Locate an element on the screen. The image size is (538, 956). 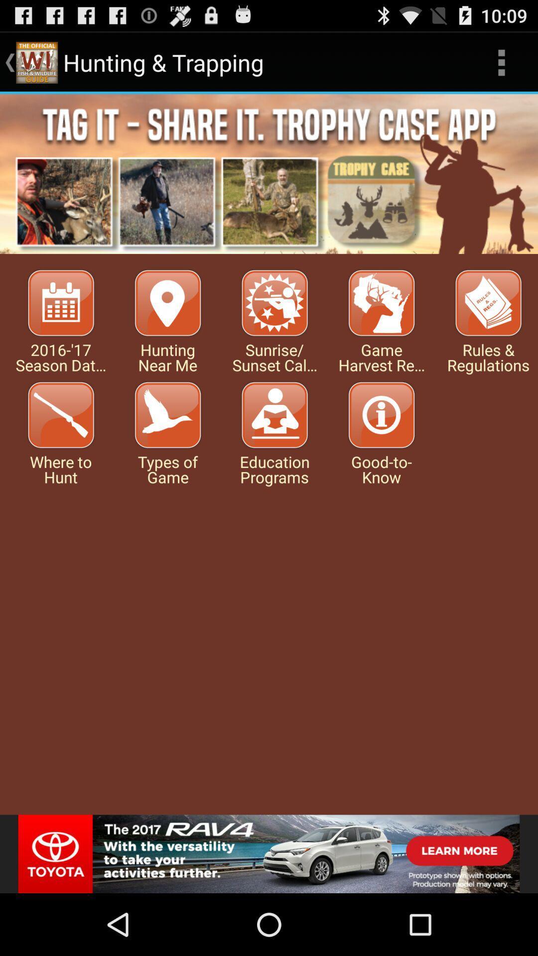
advertisement is located at coordinates (269, 174).